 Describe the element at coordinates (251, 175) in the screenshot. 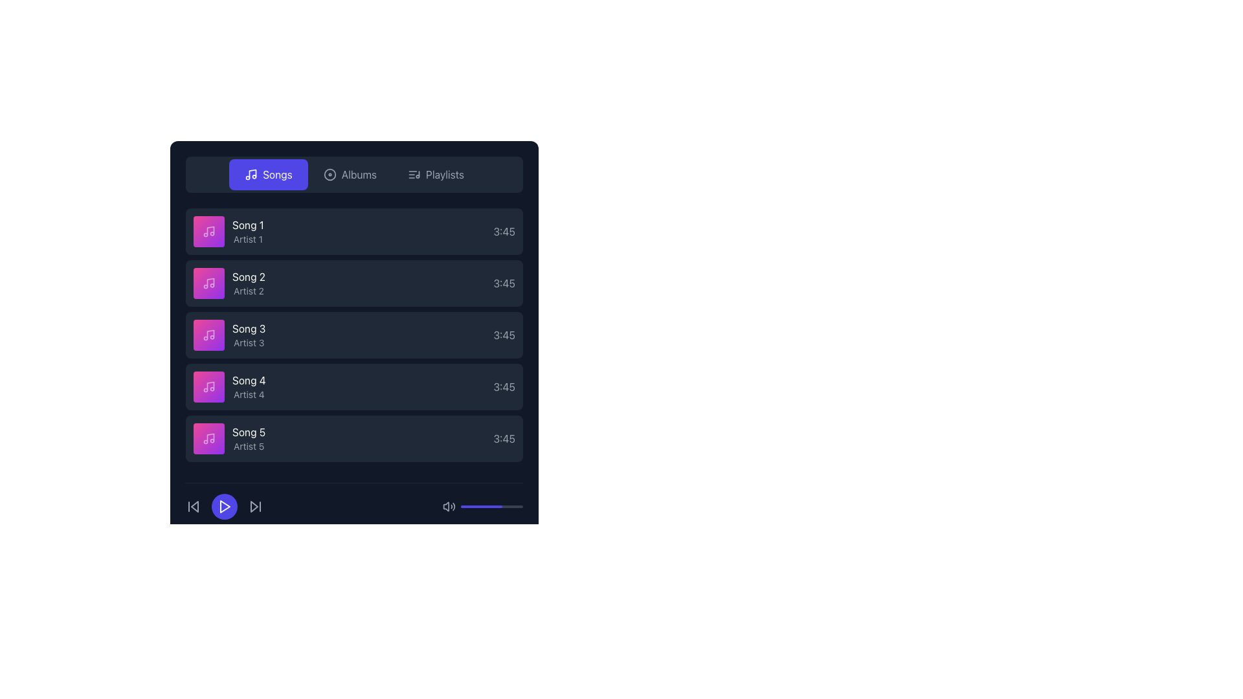

I see `keyboard navigation` at that location.